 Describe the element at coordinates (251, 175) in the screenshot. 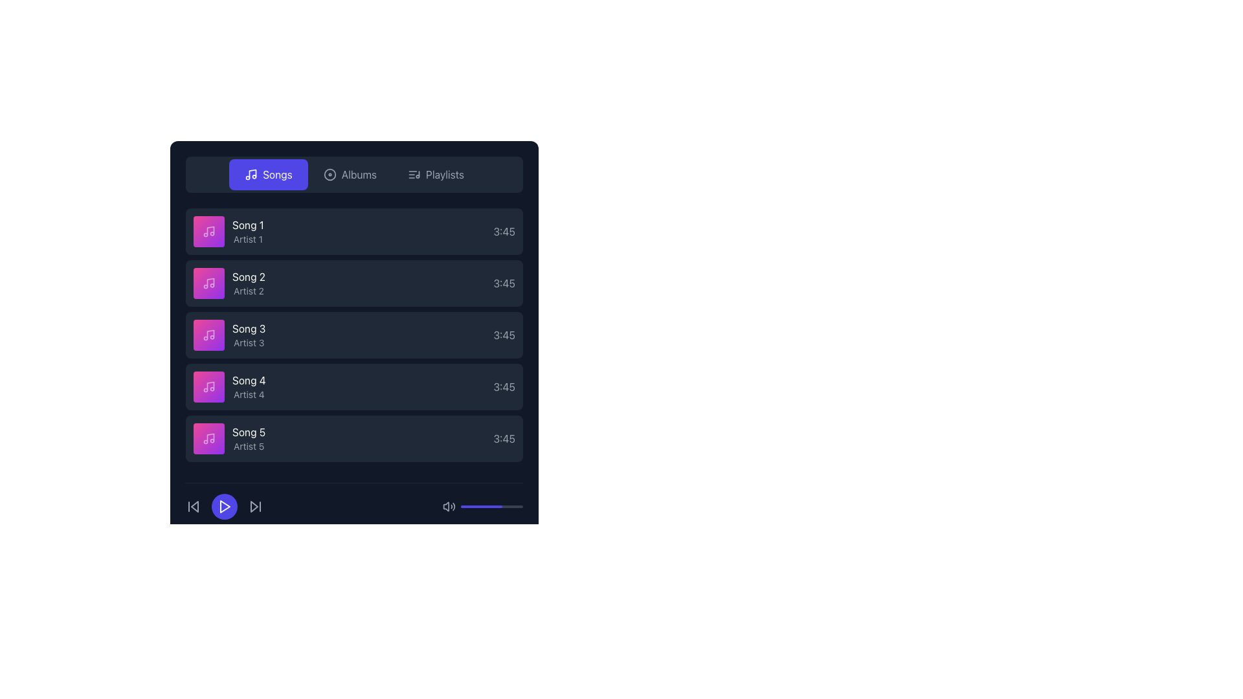

I see `keyboard navigation` at that location.